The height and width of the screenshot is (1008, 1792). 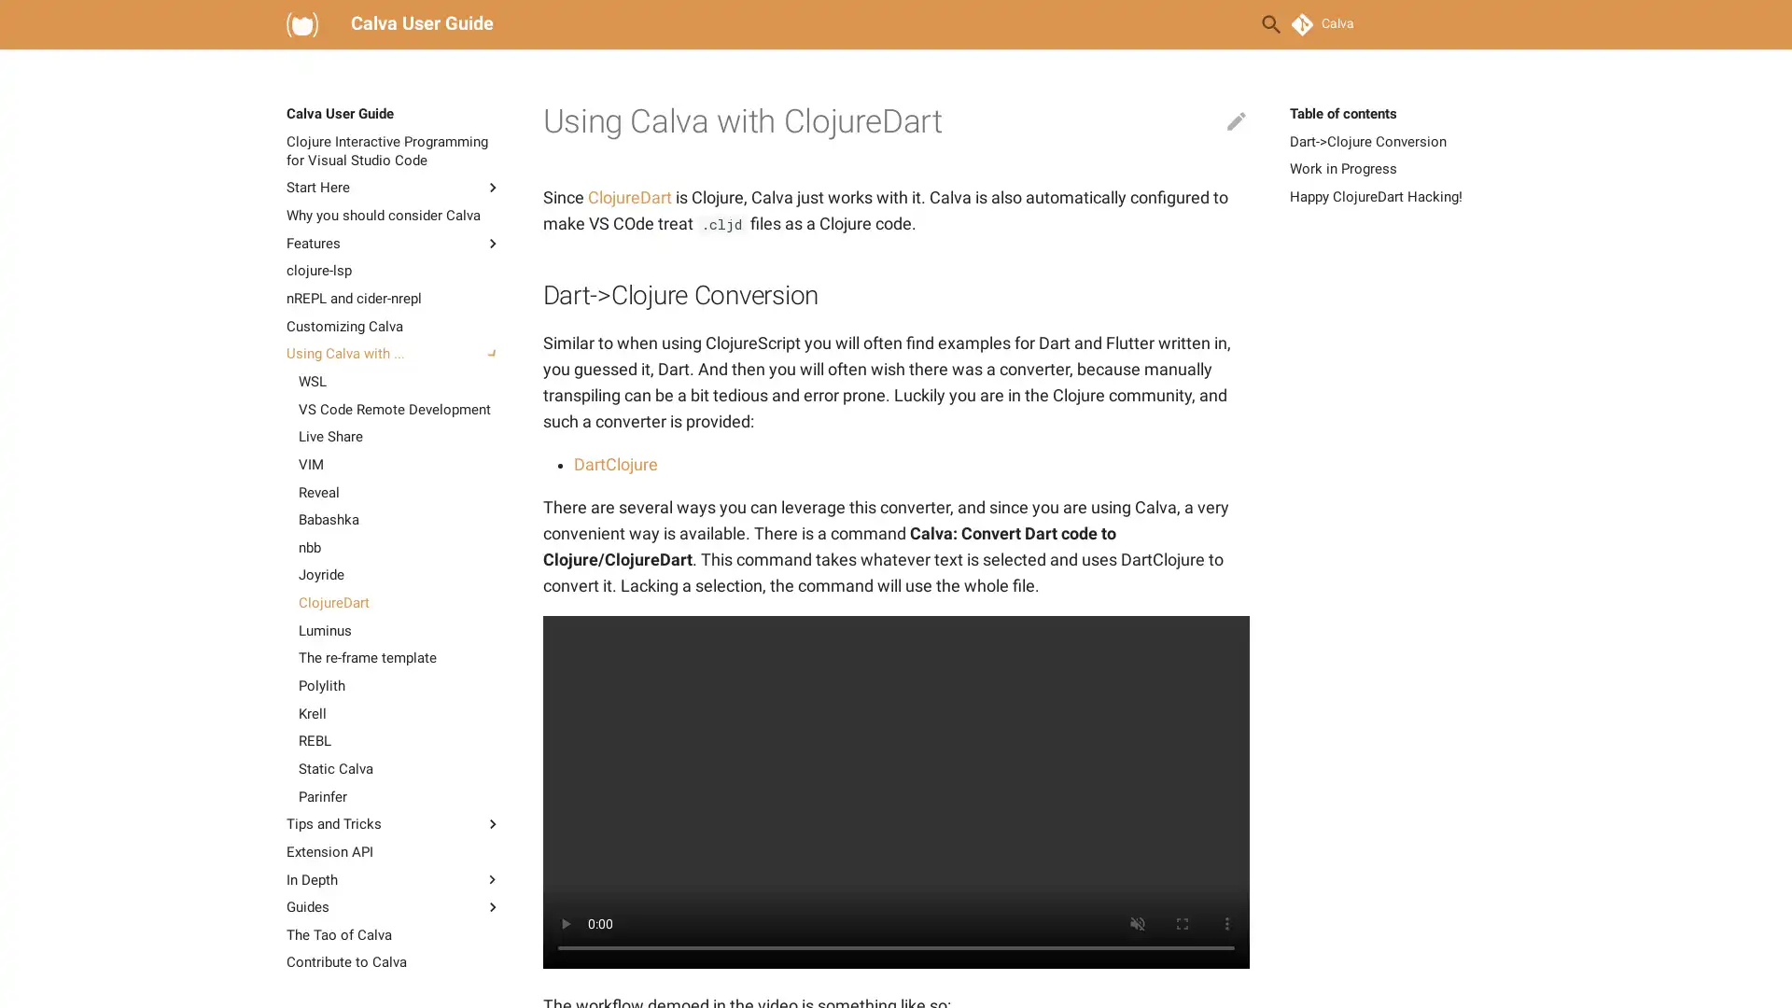 I want to click on enter full screen, so click(x=1181, y=924).